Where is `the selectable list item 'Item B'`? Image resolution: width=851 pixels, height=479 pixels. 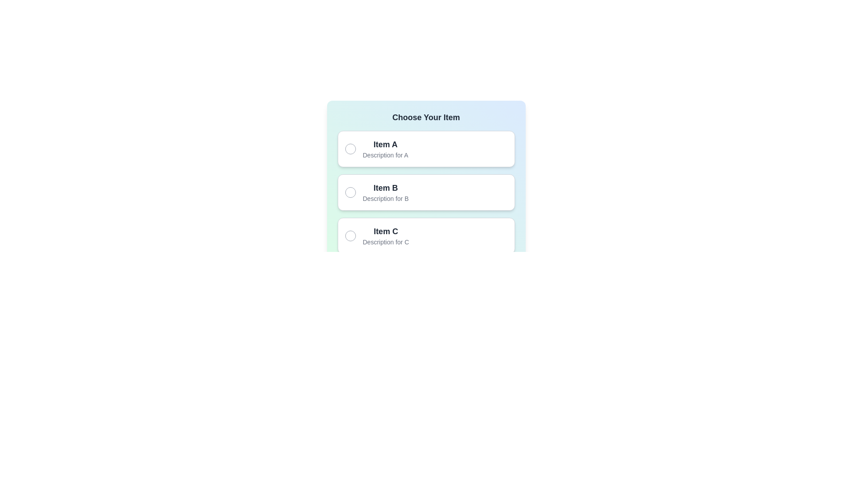
the selectable list item 'Item B' is located at coordinates (426, 192).